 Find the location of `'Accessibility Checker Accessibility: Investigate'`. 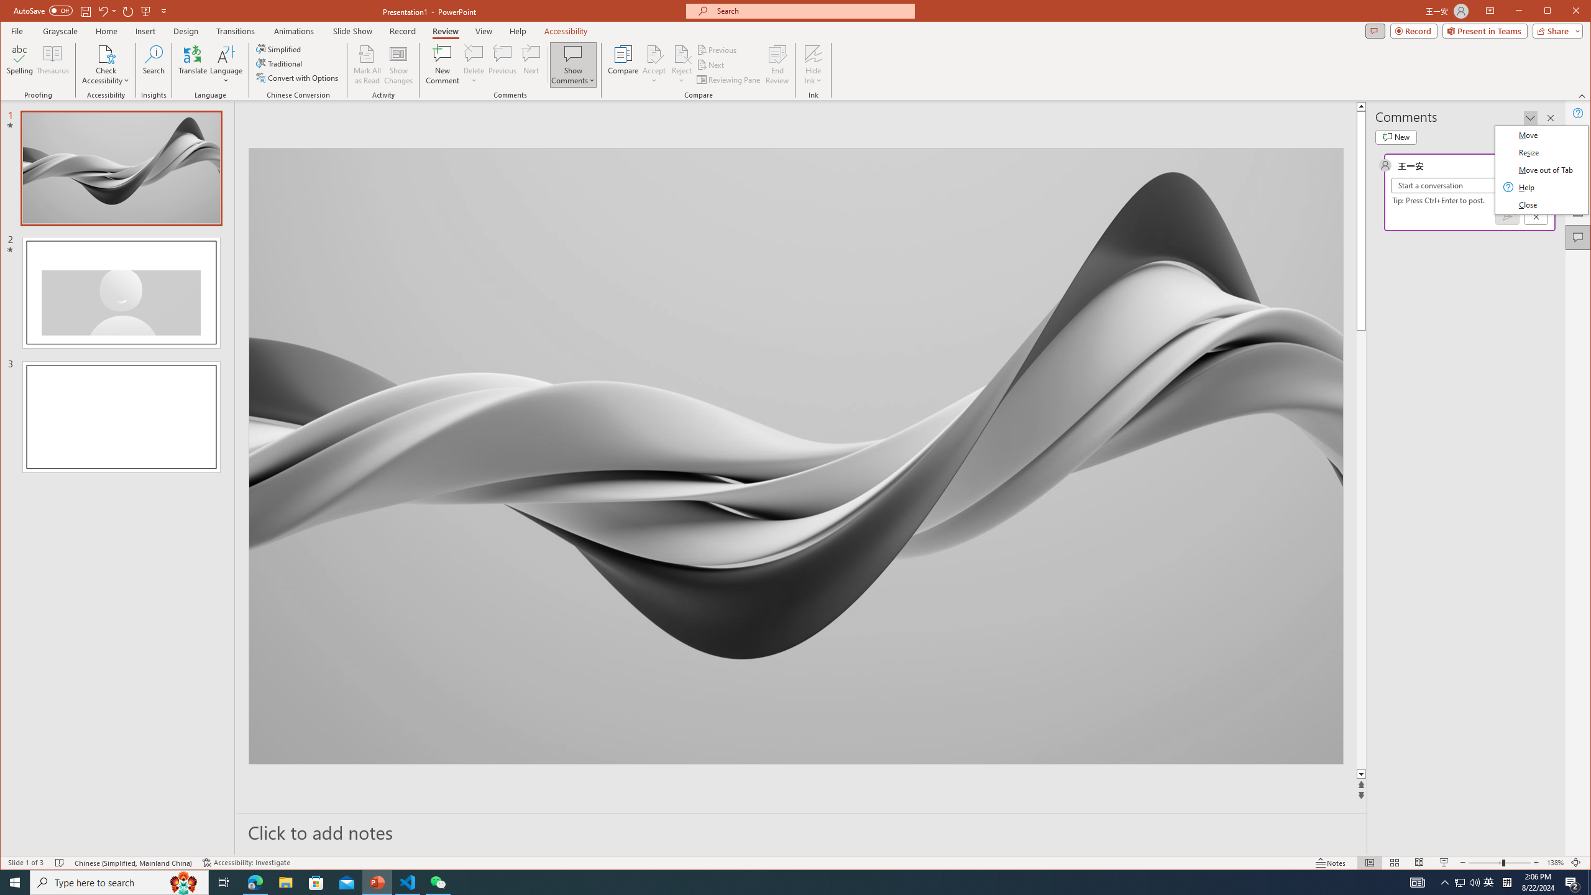

'Accessibility Checker Accessibility: Investigate' is located at coordinates (245, 862).